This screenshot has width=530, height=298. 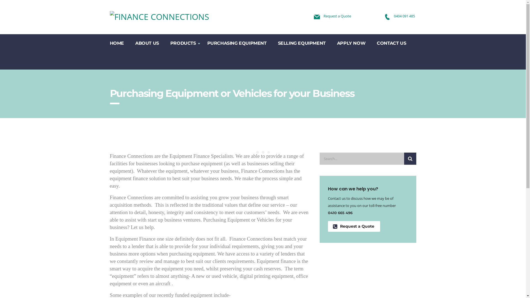 I want to click on 'SELLING EQUIPMENT', so click(x=302, y=42).